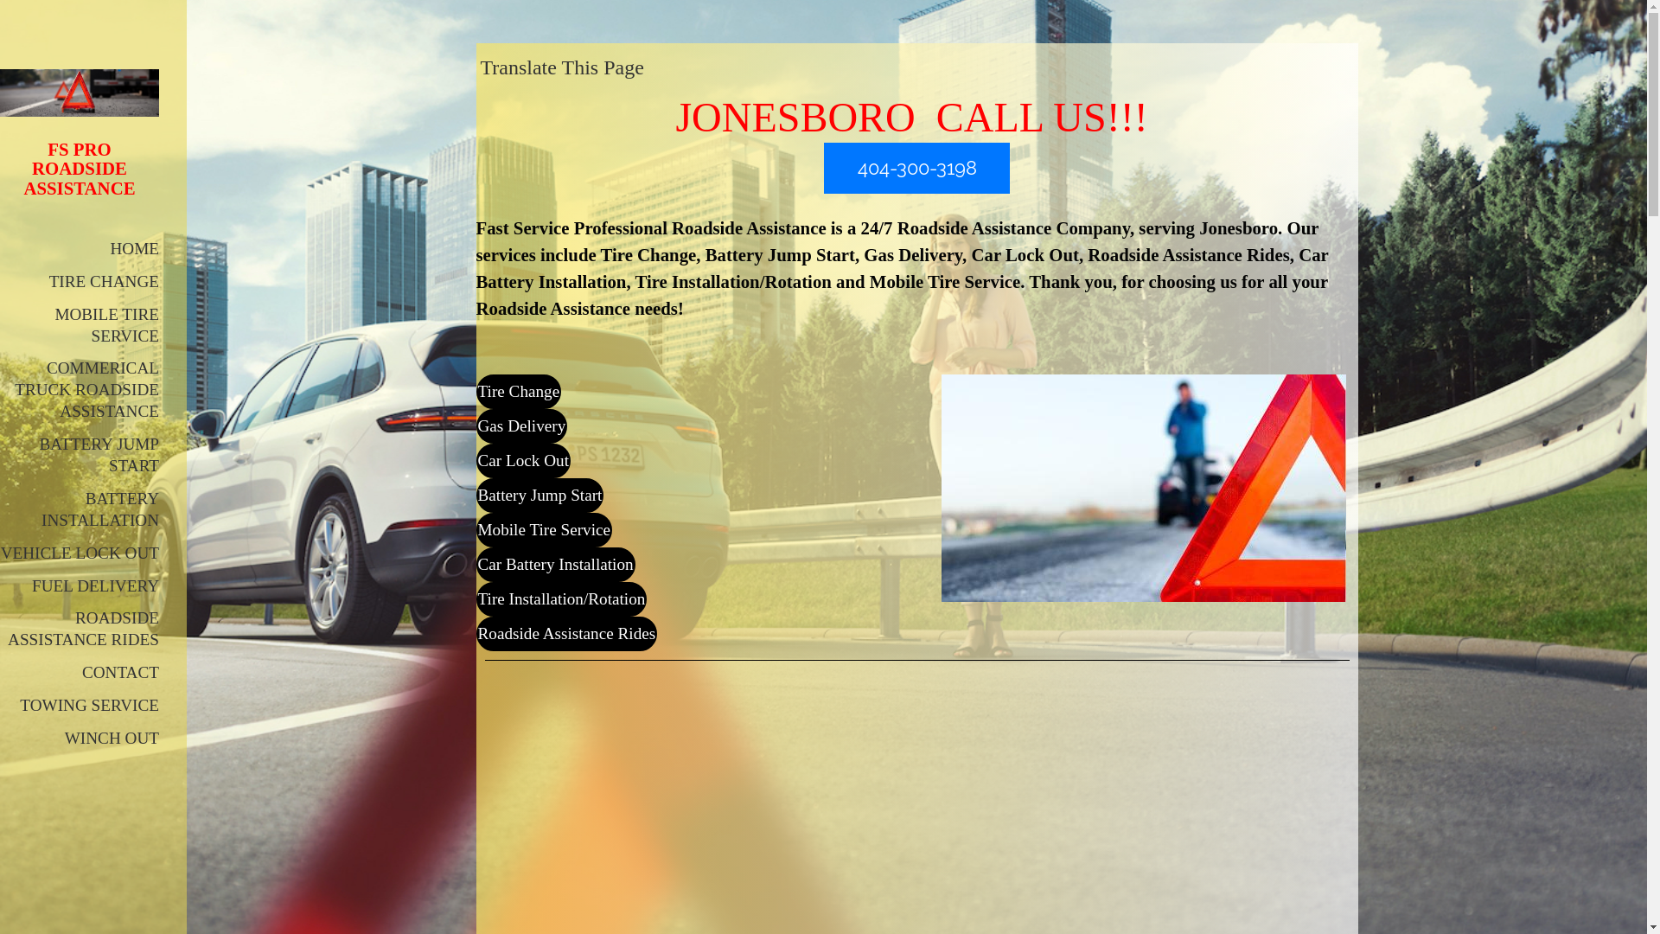  Describe the element at coordinates (111, 738) in the screenshot. I see `'WINCH OUT'` at that location.